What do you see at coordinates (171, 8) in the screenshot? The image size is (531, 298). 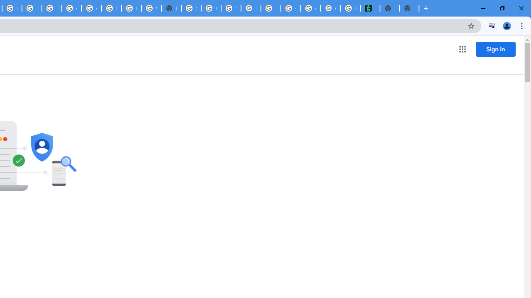 I see `'New Tab'` at bounding box center [171, 8].